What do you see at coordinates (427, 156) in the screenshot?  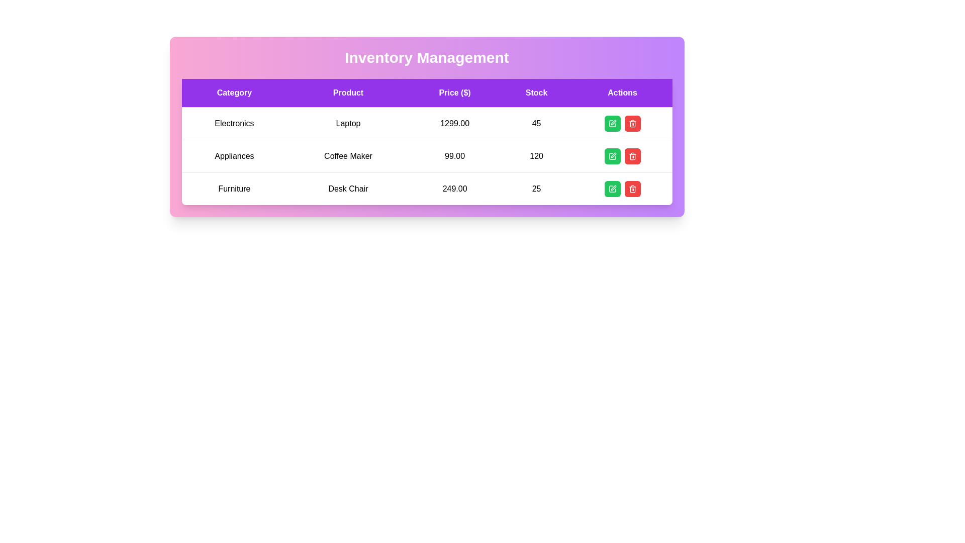 I see `the second row of the inventory table, which contains details about a product entry, to read or perform actions` at bounding box center [427, 156].